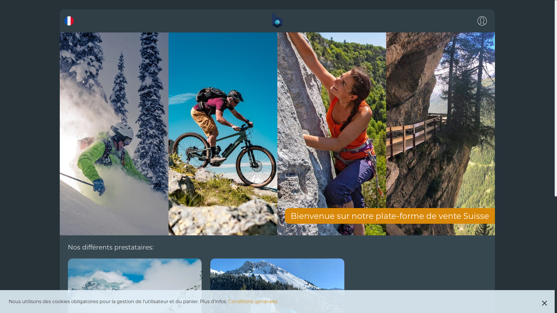  Describe the element at coordinates (474, 21) in the screenshot. I see `'Se connecter'` at that location.